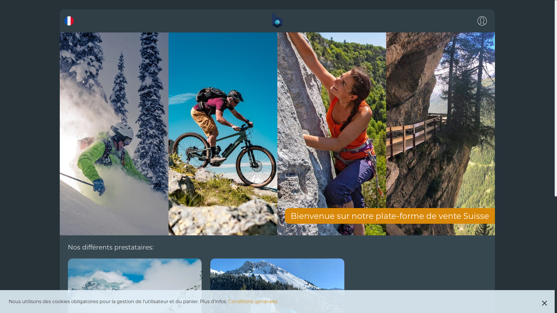  Describe the element at coordinates (474, 21) in the screenshot. I see `'Se connecter'` at that location.